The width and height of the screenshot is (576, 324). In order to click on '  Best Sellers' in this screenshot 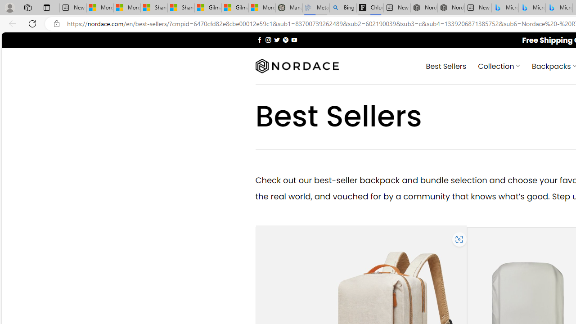, I will do `click(446, 65)`.